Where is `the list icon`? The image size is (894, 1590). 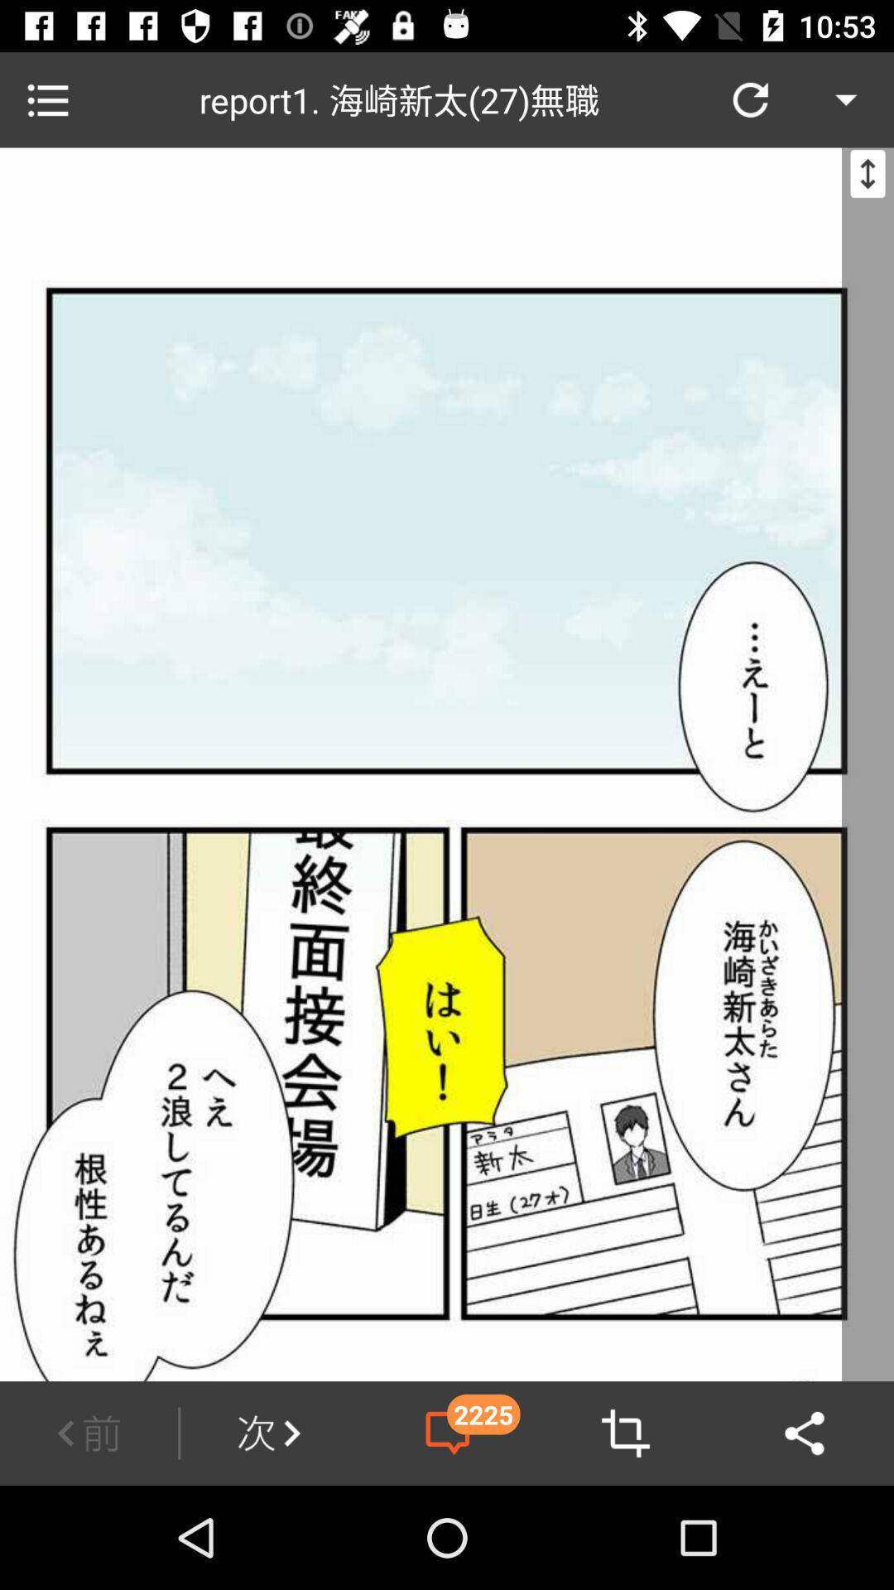
the list icon is located at coordinates (46, 99).